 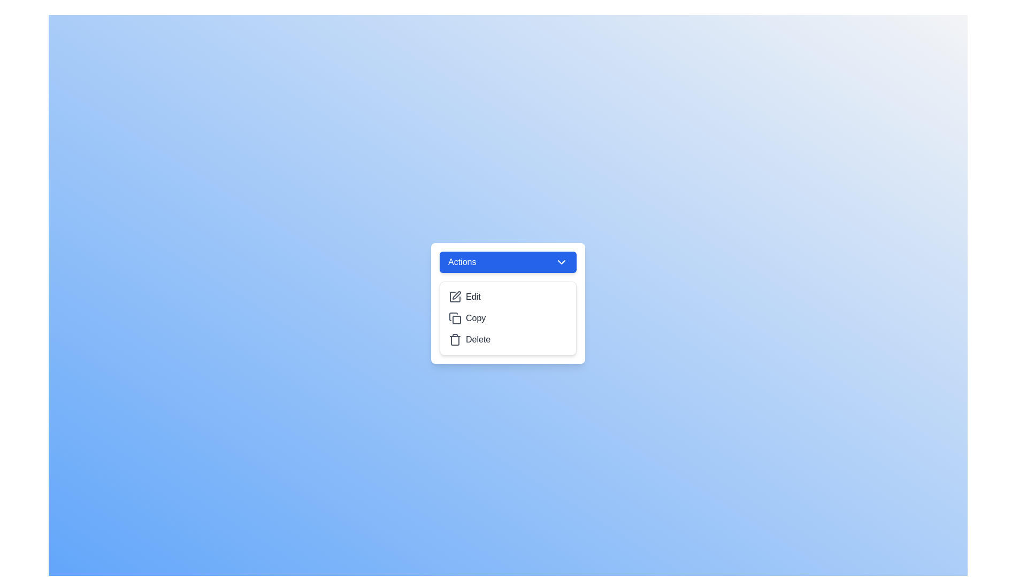 I want to click on the dropdown chevron icon located in the 'Actions' button on the right-hand side, so click(x=561, y=262).